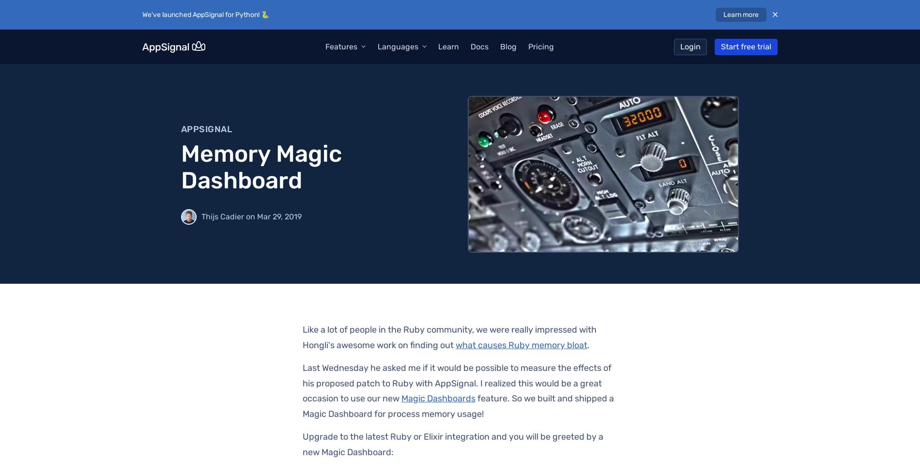 This screenshot has width=920, height=475. I want to click on 'appsignal', so click(206, 128).